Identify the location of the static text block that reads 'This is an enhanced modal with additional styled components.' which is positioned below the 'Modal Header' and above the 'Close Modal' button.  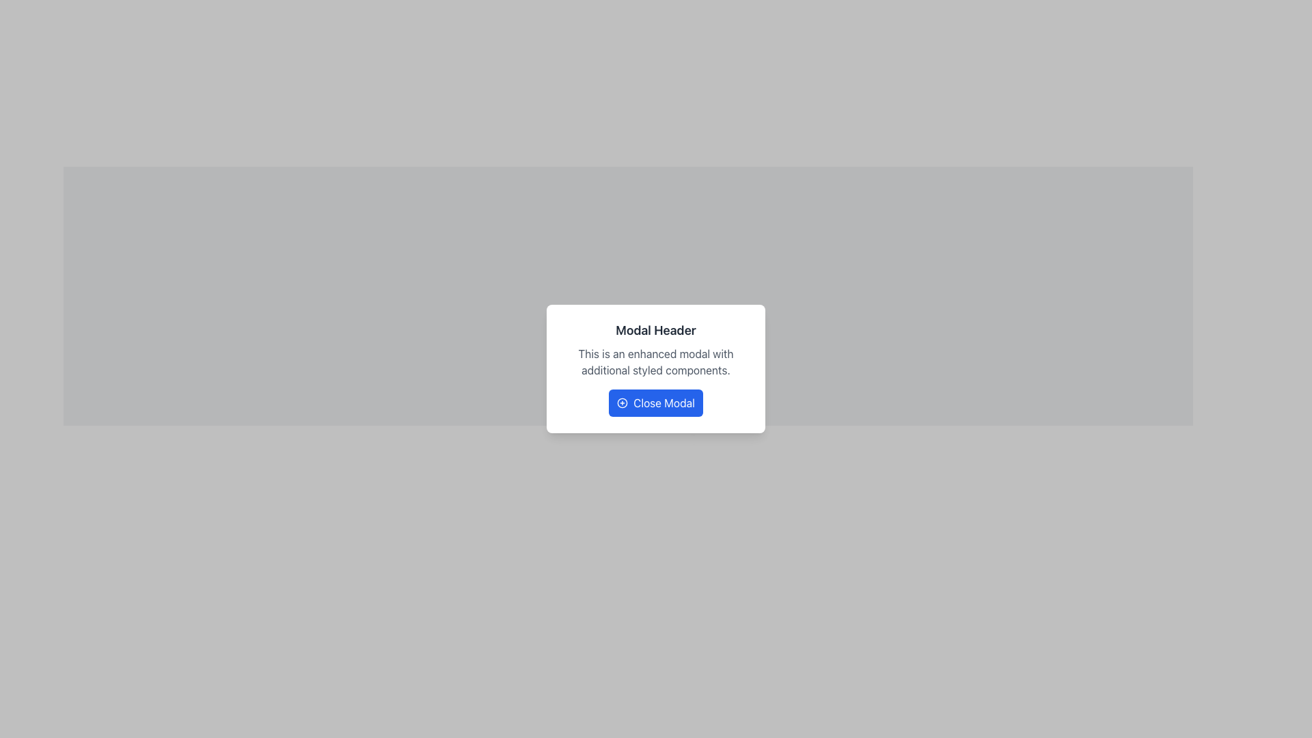
(656, 361).